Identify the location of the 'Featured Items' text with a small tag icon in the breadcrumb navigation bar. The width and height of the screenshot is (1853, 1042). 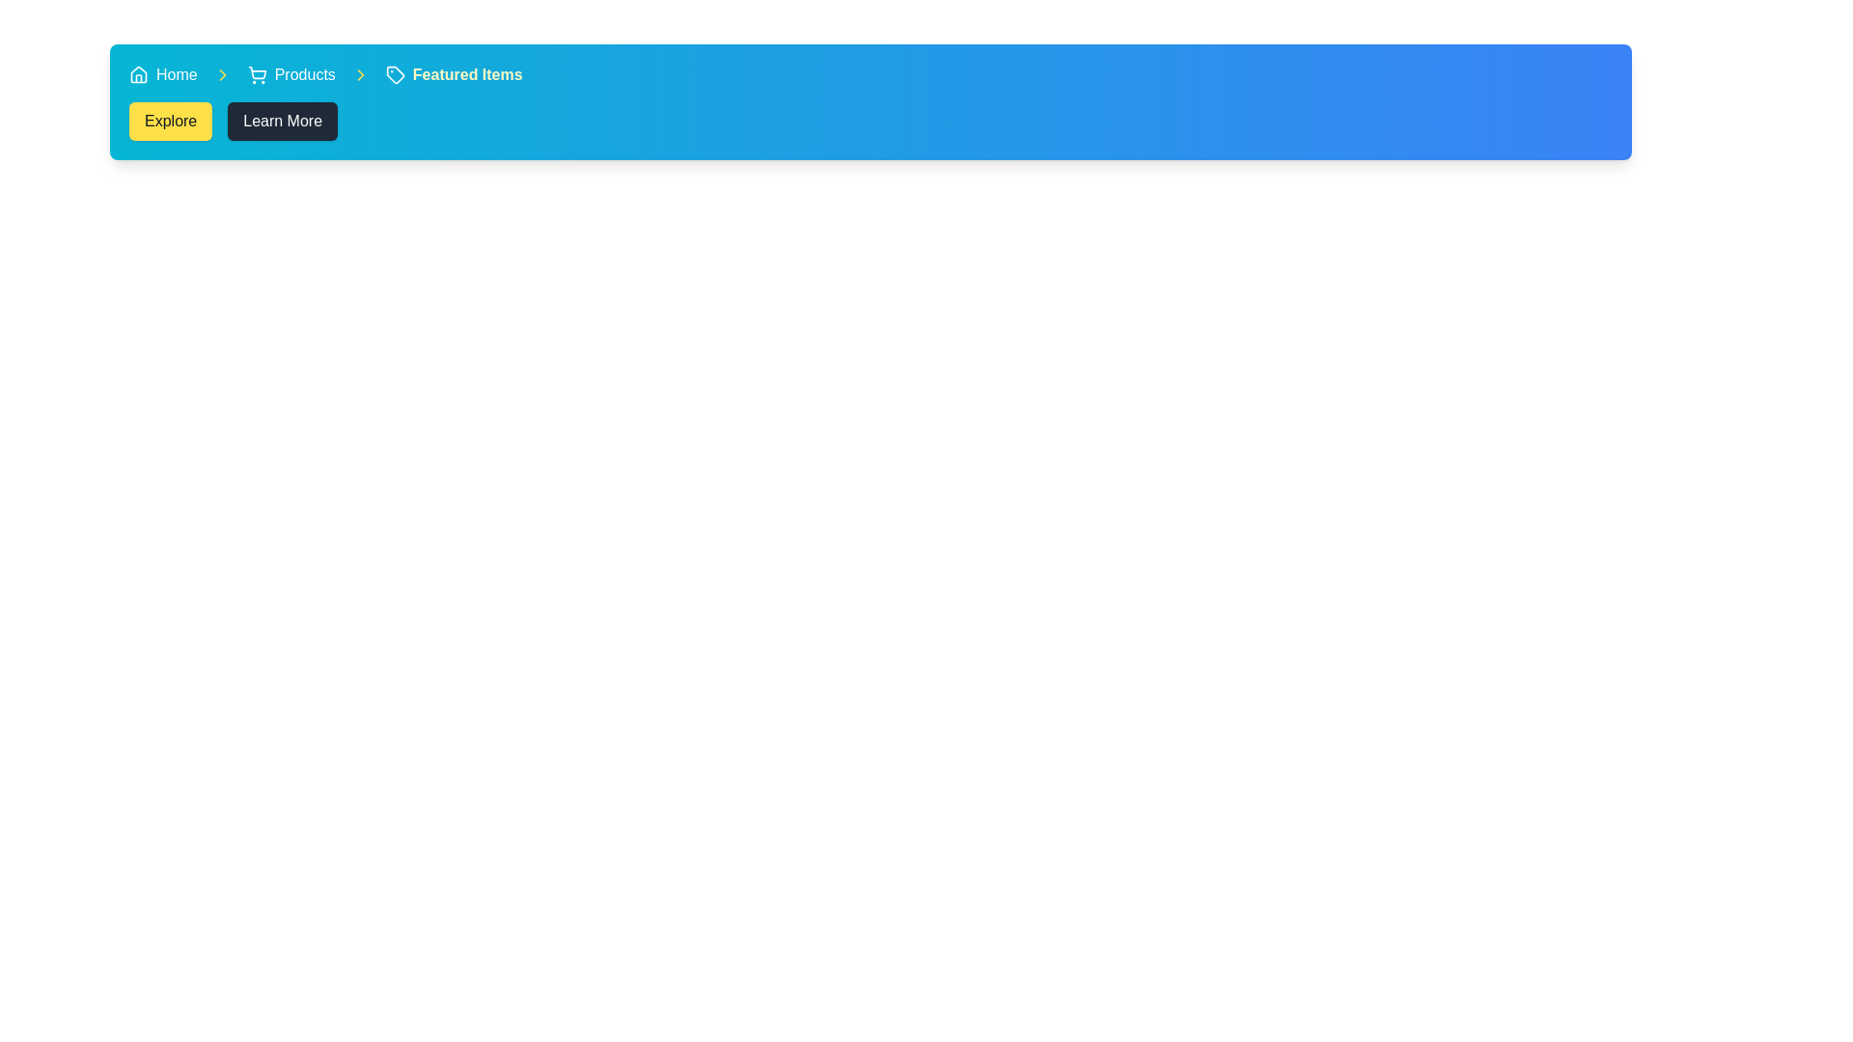
(453, 73).